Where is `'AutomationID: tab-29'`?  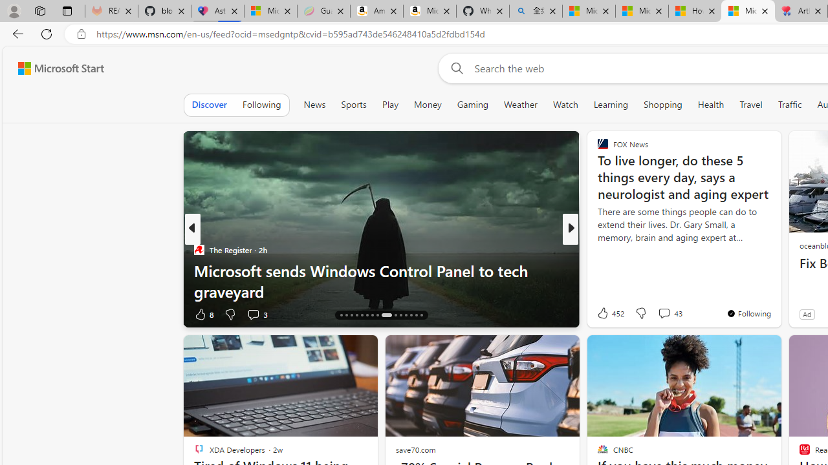 'AutomationID: tab-29' is located at coordinates (416, 315).